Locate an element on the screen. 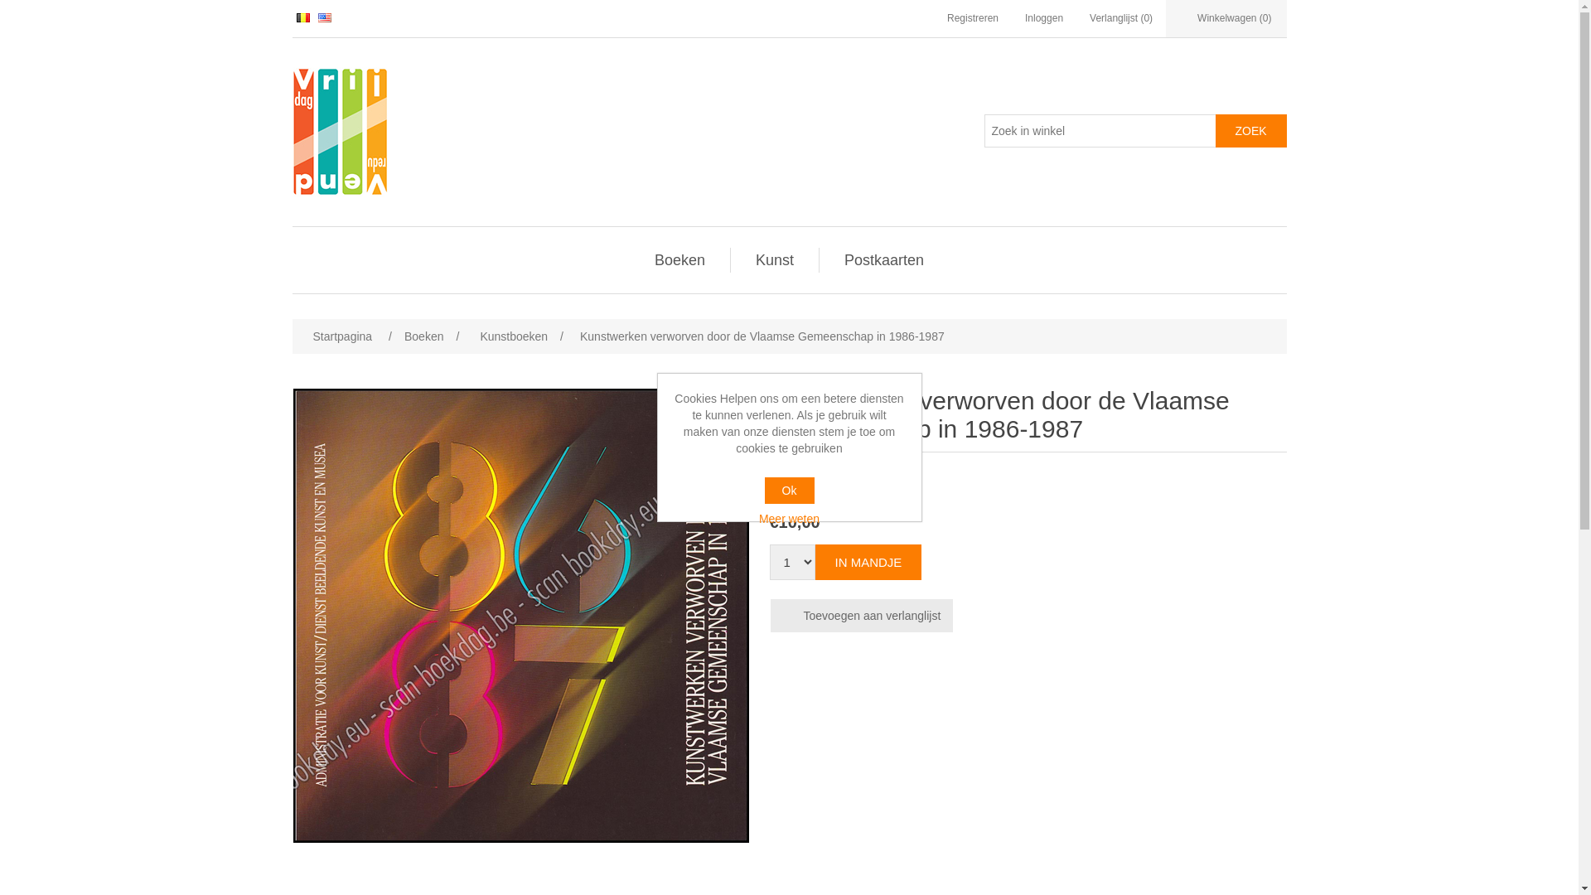  'In mandje' is located at coordinates (868, 561).